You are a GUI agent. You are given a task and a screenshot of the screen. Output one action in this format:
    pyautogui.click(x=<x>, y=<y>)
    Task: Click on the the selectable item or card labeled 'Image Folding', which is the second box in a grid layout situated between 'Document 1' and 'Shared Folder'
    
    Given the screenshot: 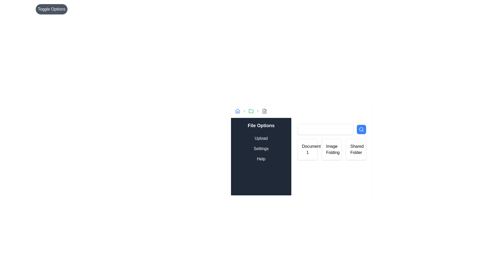 What is the action you would take?
    pyautogui.click(x=332, y=150)
    